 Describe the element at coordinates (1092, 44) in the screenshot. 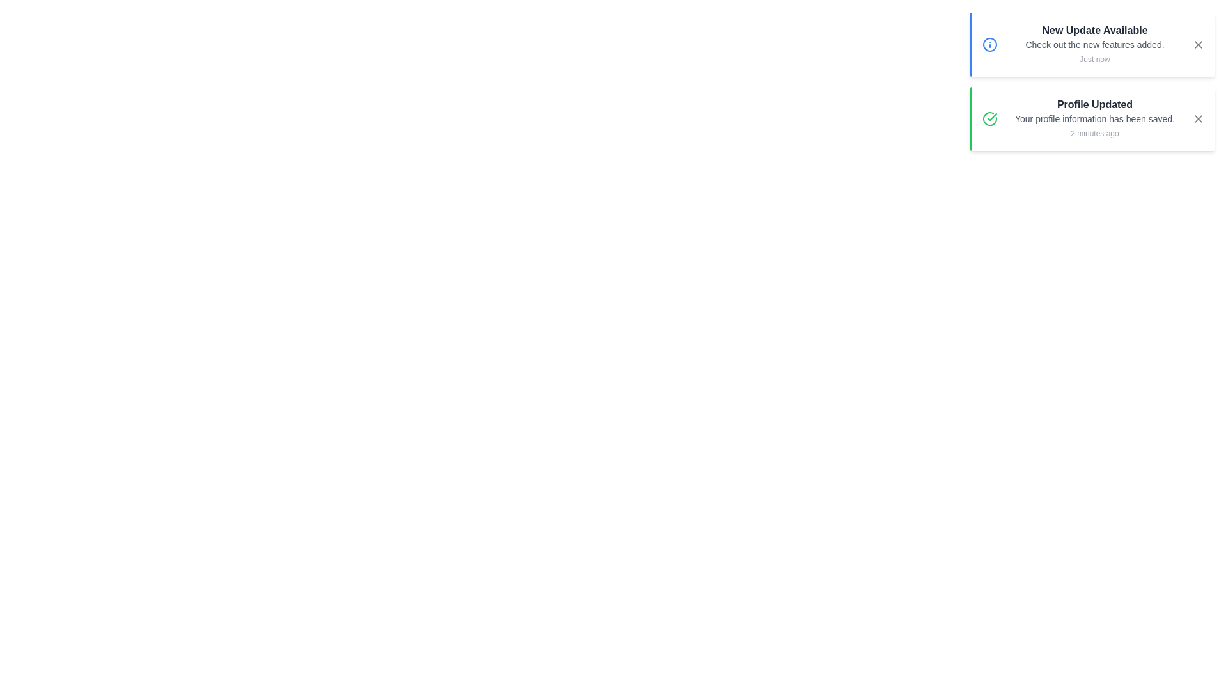

I see `the notification to read its content` at that location.